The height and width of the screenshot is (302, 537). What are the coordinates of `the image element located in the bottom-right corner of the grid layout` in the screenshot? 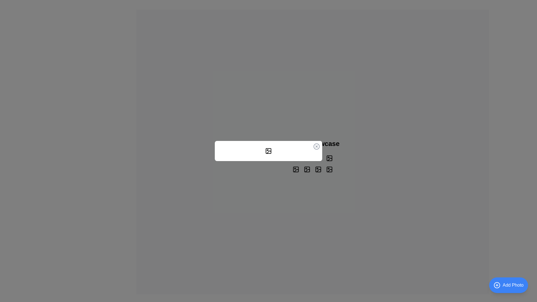 It's located at (295, 169).